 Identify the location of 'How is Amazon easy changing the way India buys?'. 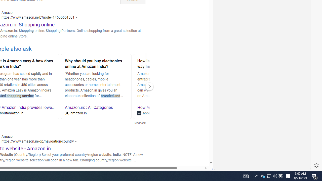
(169, 64).